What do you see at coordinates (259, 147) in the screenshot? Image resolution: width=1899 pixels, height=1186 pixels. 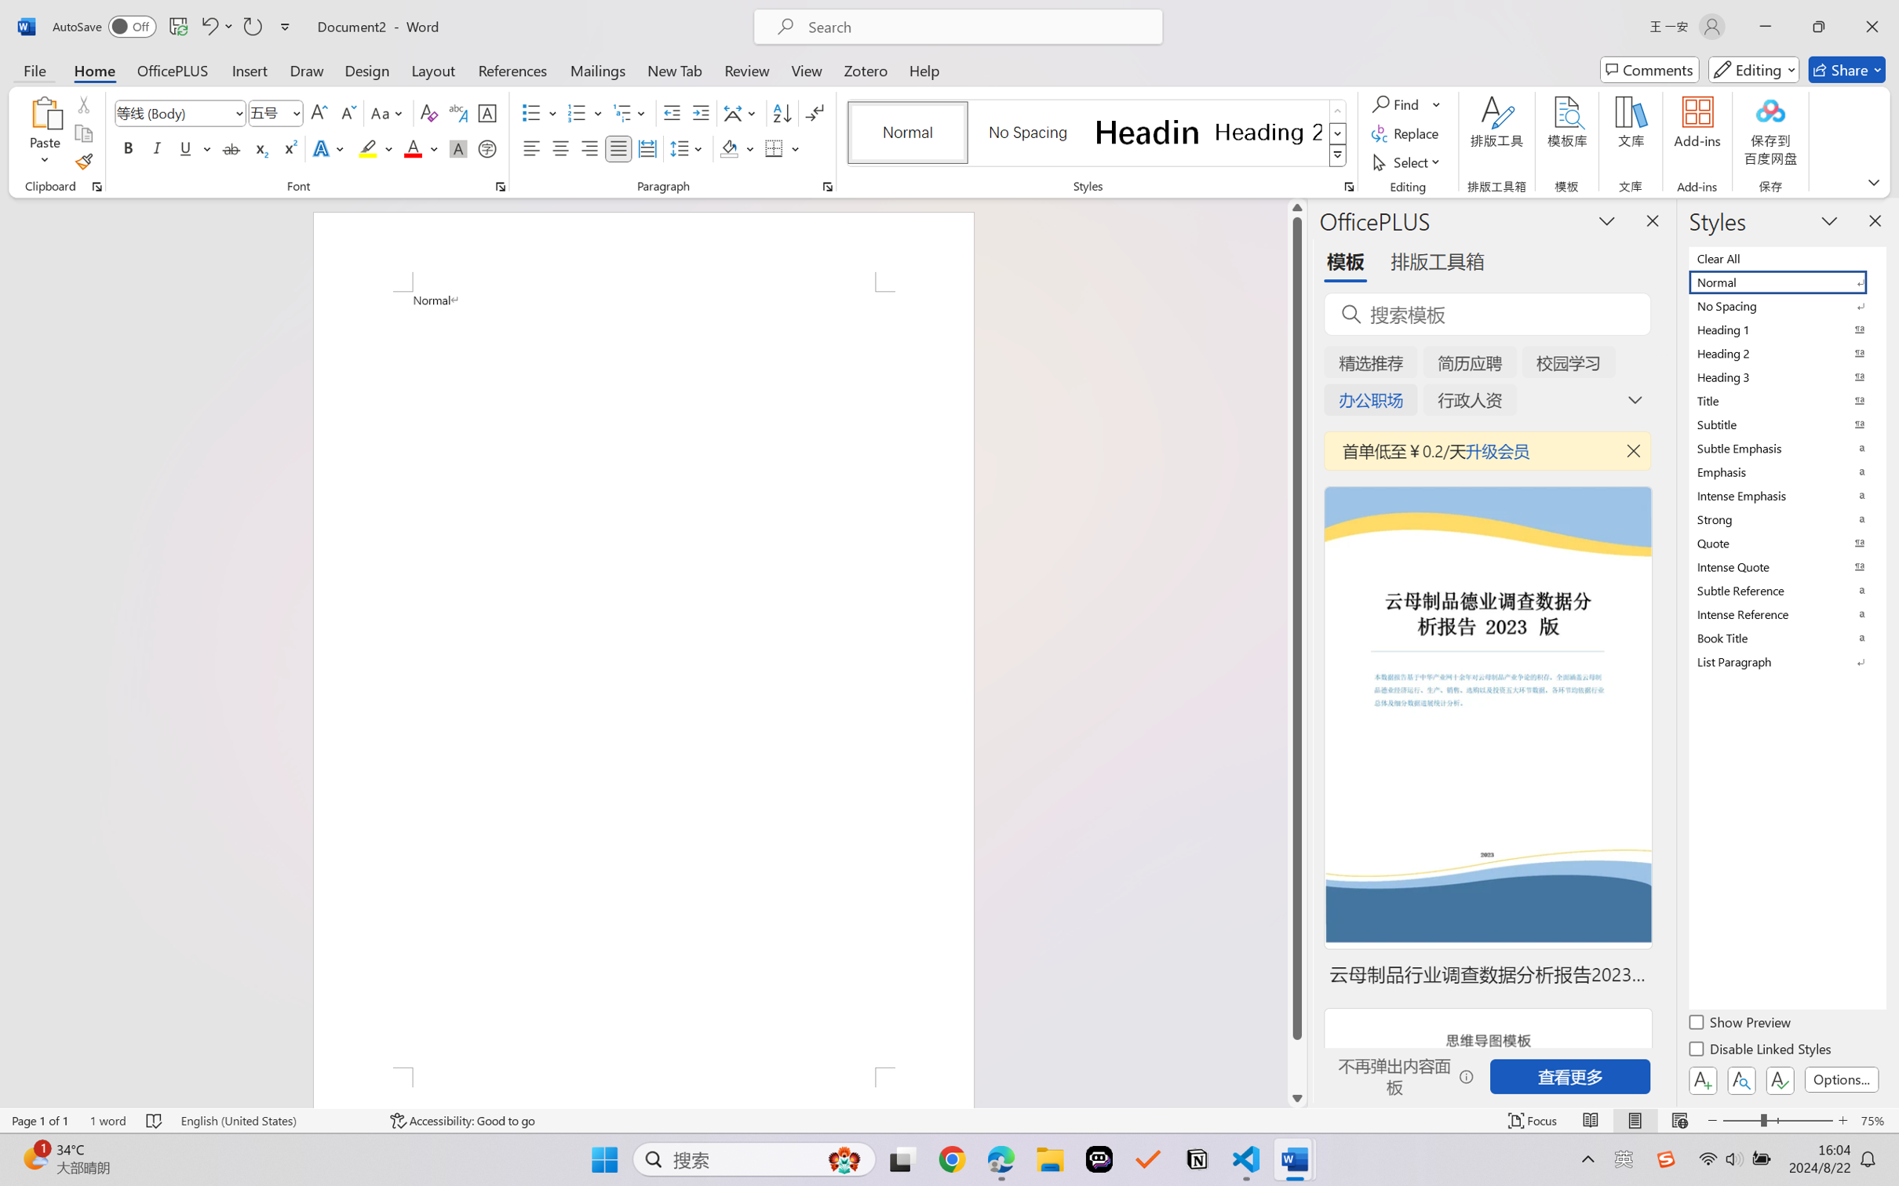 I see `'Subscript'` at bounding box center [259, 147].